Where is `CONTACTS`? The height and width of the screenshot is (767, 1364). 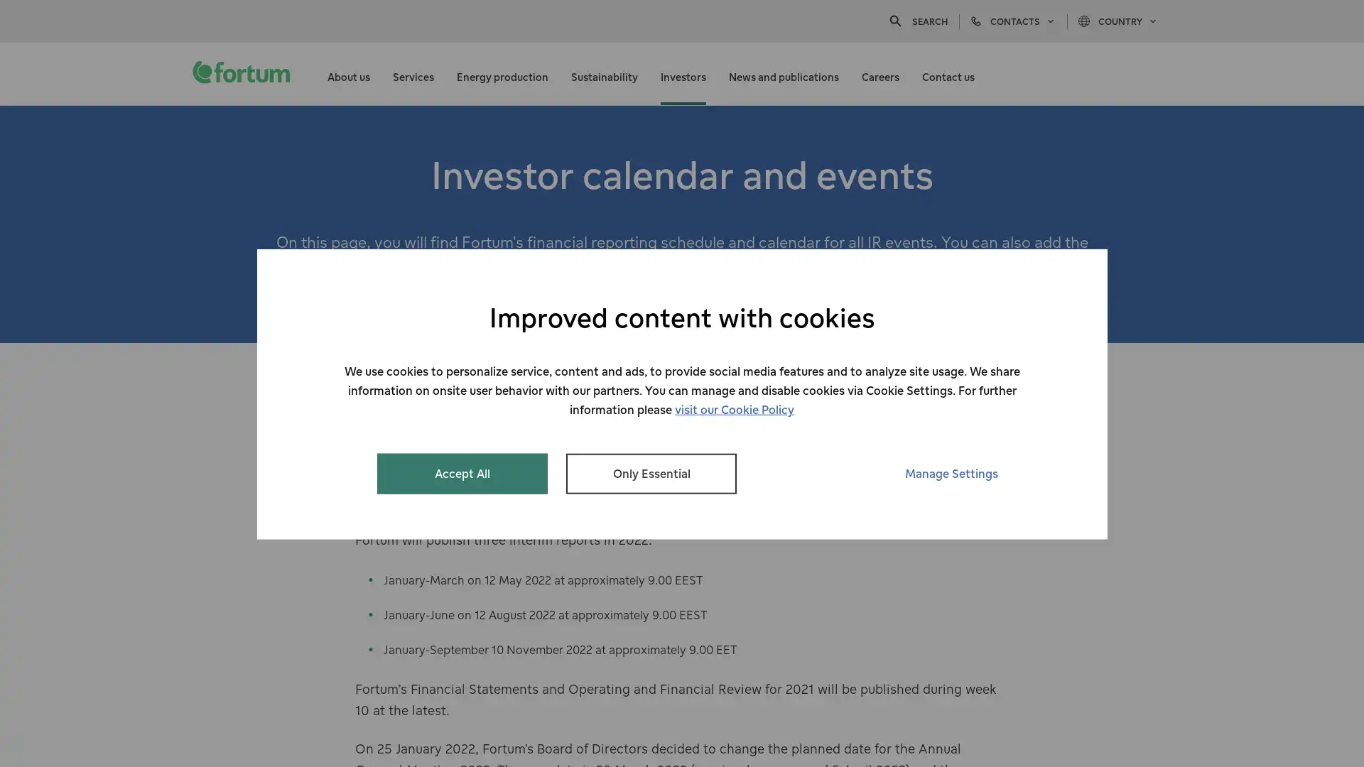 CONTACTS is located at coordinates (1012, 21).